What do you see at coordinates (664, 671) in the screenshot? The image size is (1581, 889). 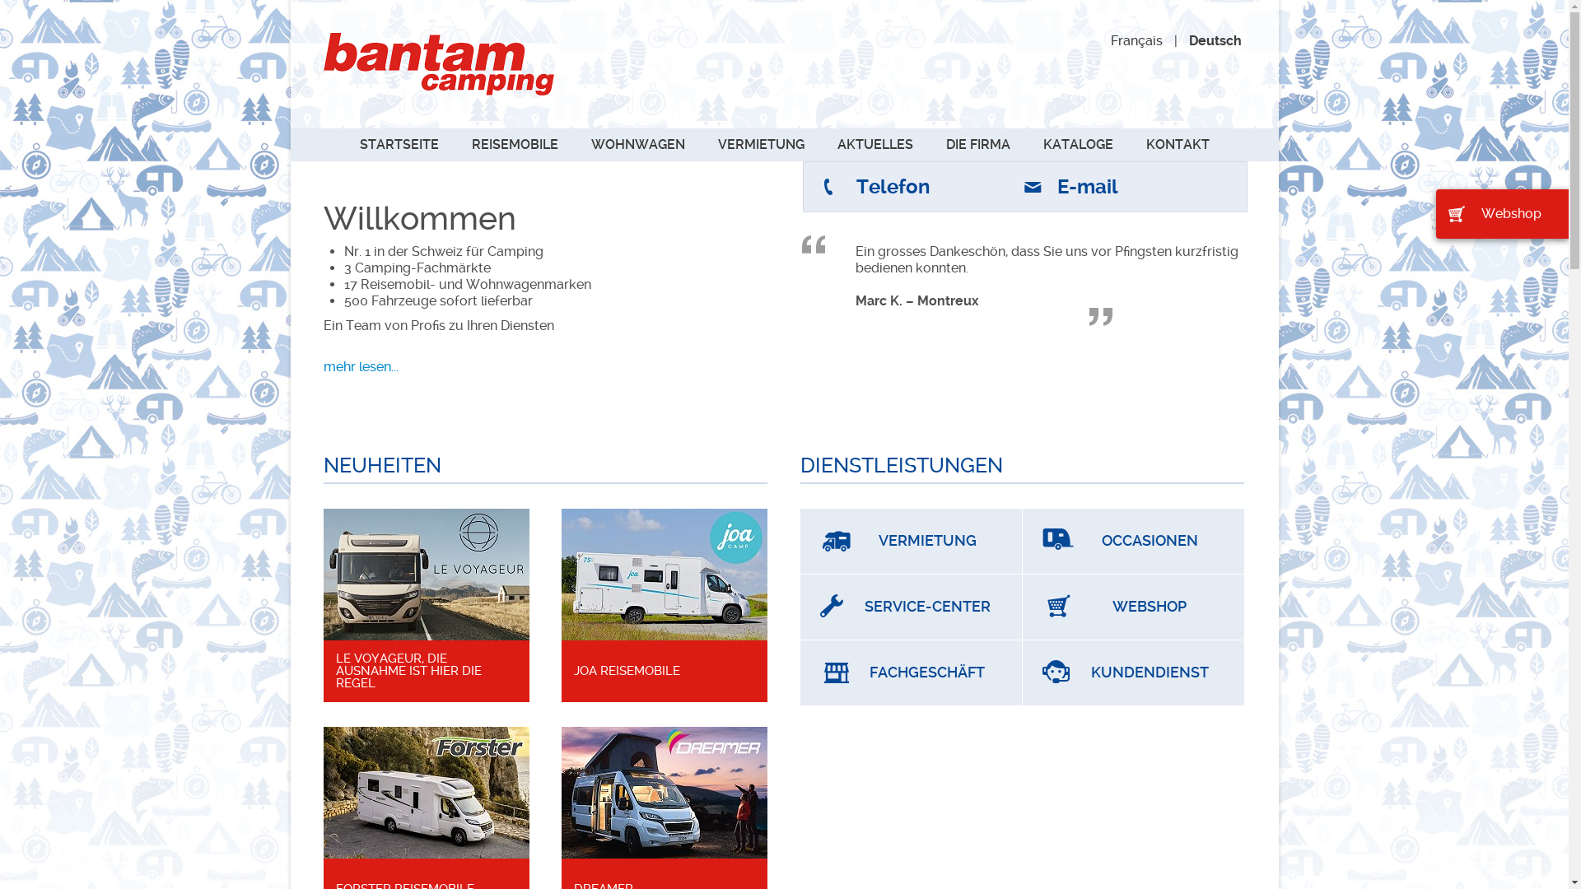 I see `'JOA REISEMOBILE'` at bounding box center [664, 671].